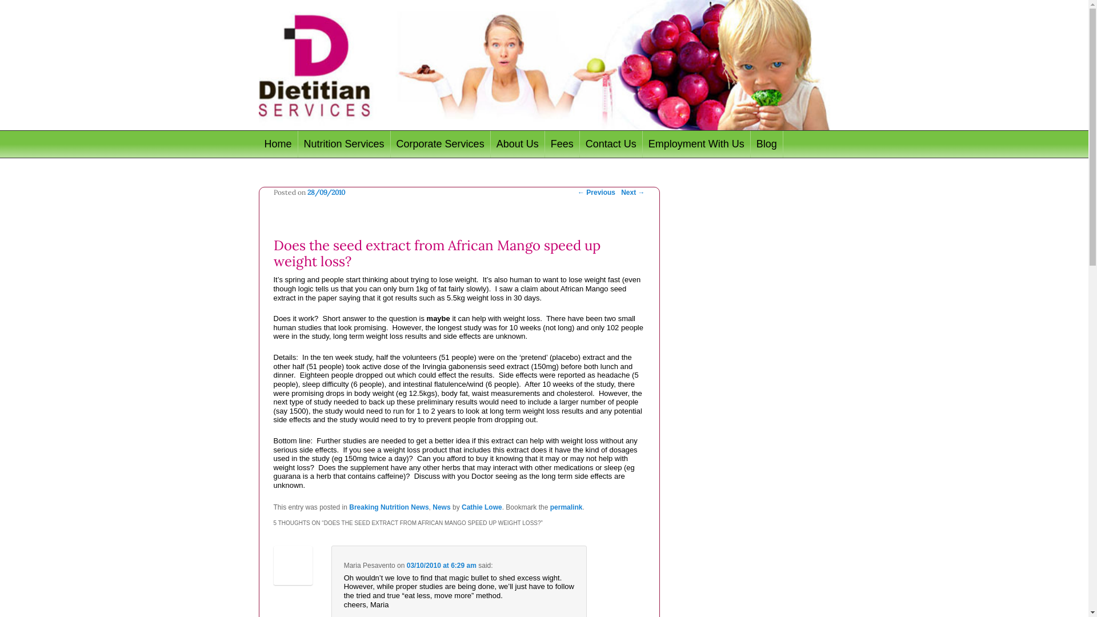 The image size is (1097, 617). I want to click on 'Breaking Nutrition News', so click(389, 506).